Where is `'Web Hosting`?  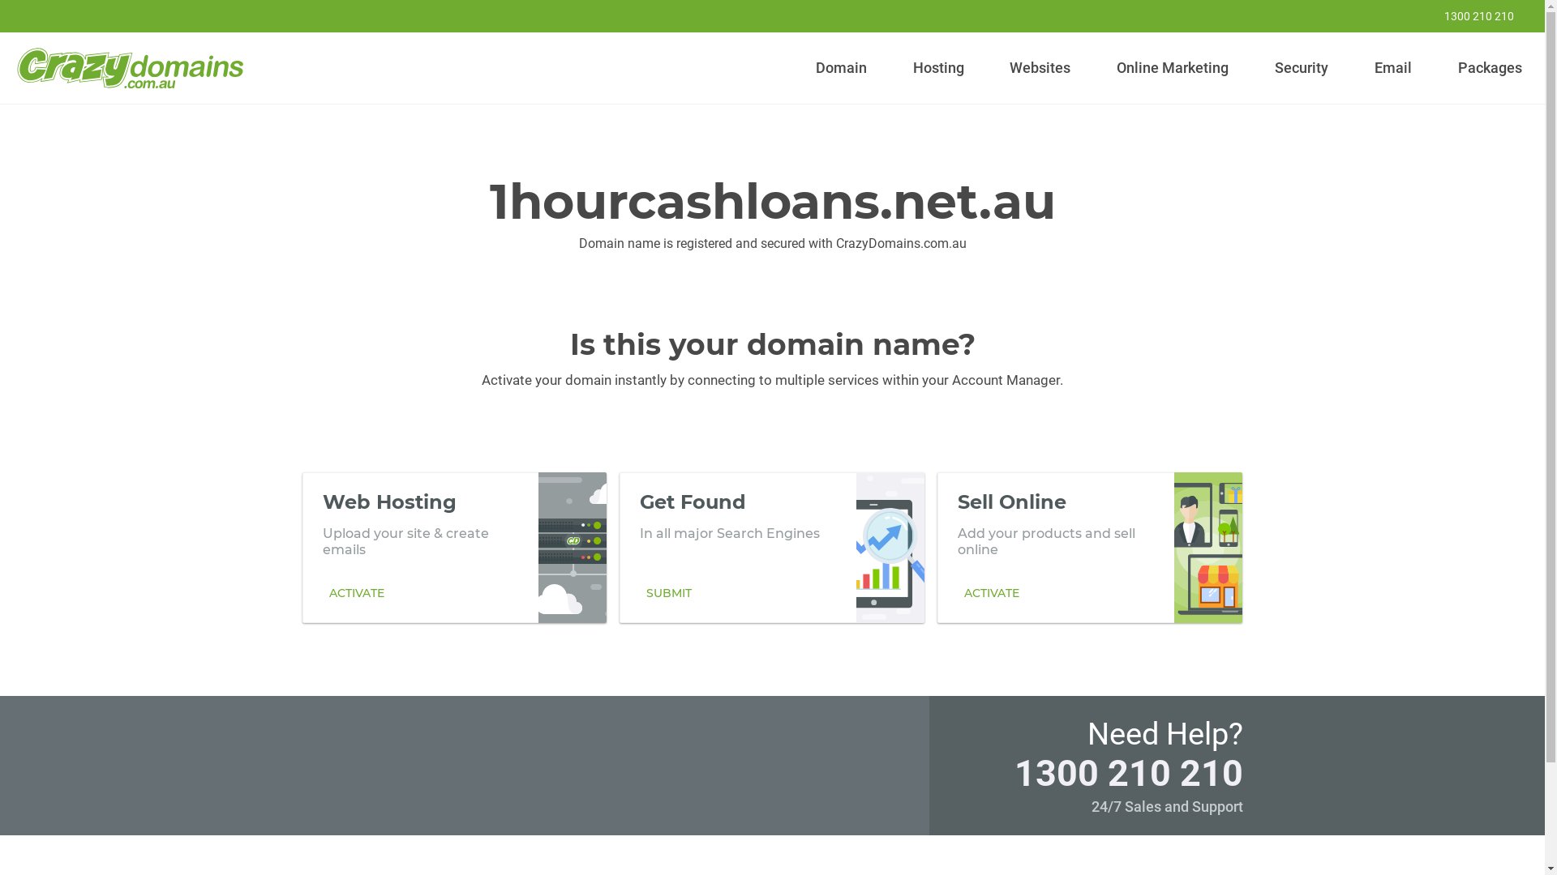
'Web Hosting is located at coordinates (454, 547).